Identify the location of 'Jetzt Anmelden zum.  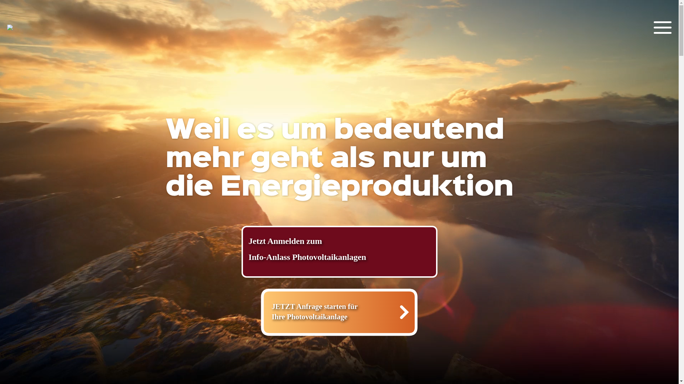
(339, 251).